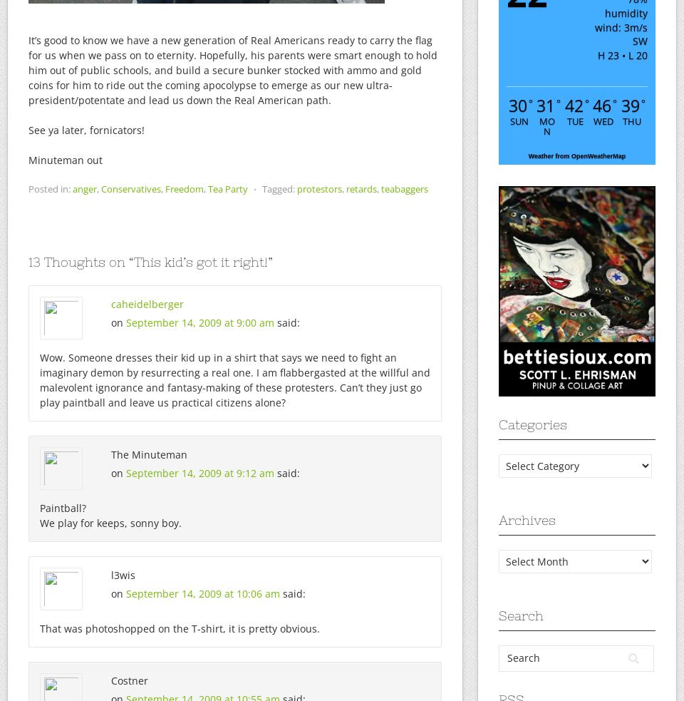 This screenshot has height=701, width=684. Describe the element at coordinates (345, 189) in the screenshot. I see `'retards'` at that location.